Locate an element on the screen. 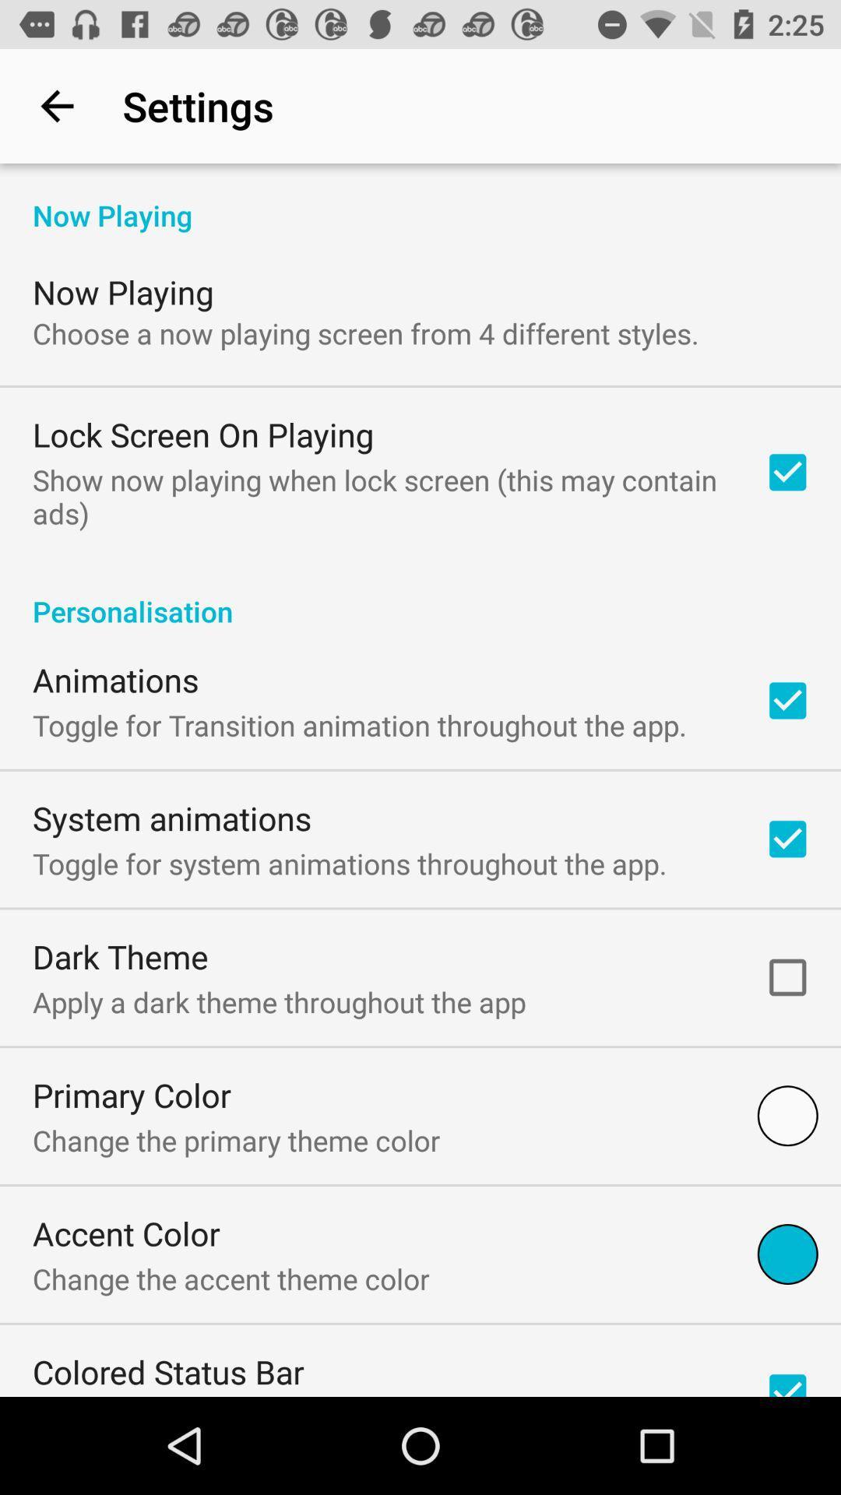  colored status bar is located at coordinates (168, 1371).